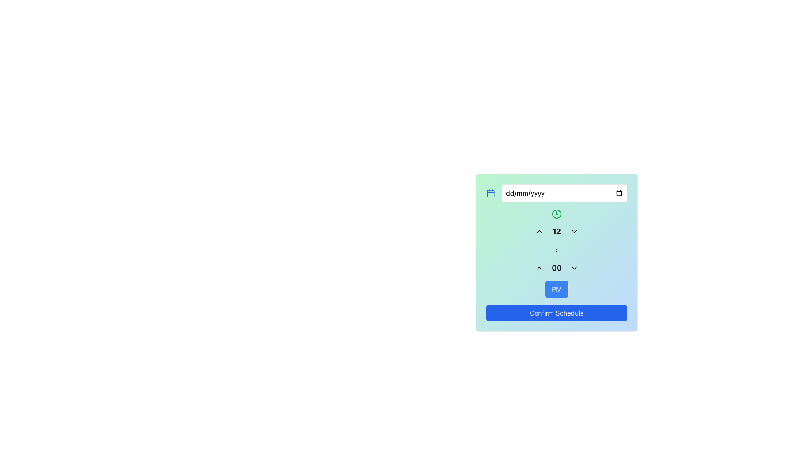 The height and width of the screenshot is (449, 799). I want to click on the 'Confirm Schedule' button, which is a blue button with white text located at the bottom-center of the card interface, so click(557, 313).